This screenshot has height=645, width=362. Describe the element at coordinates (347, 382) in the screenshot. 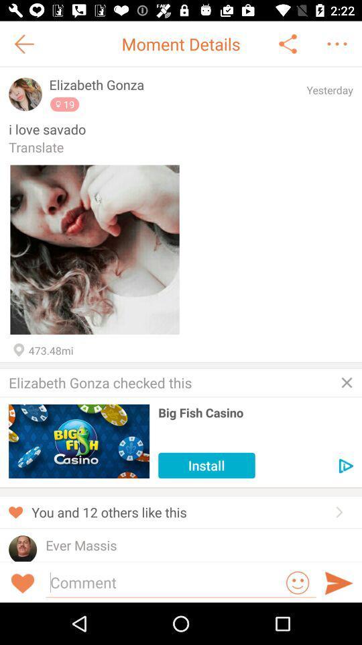

I see `hide moment` at that location.